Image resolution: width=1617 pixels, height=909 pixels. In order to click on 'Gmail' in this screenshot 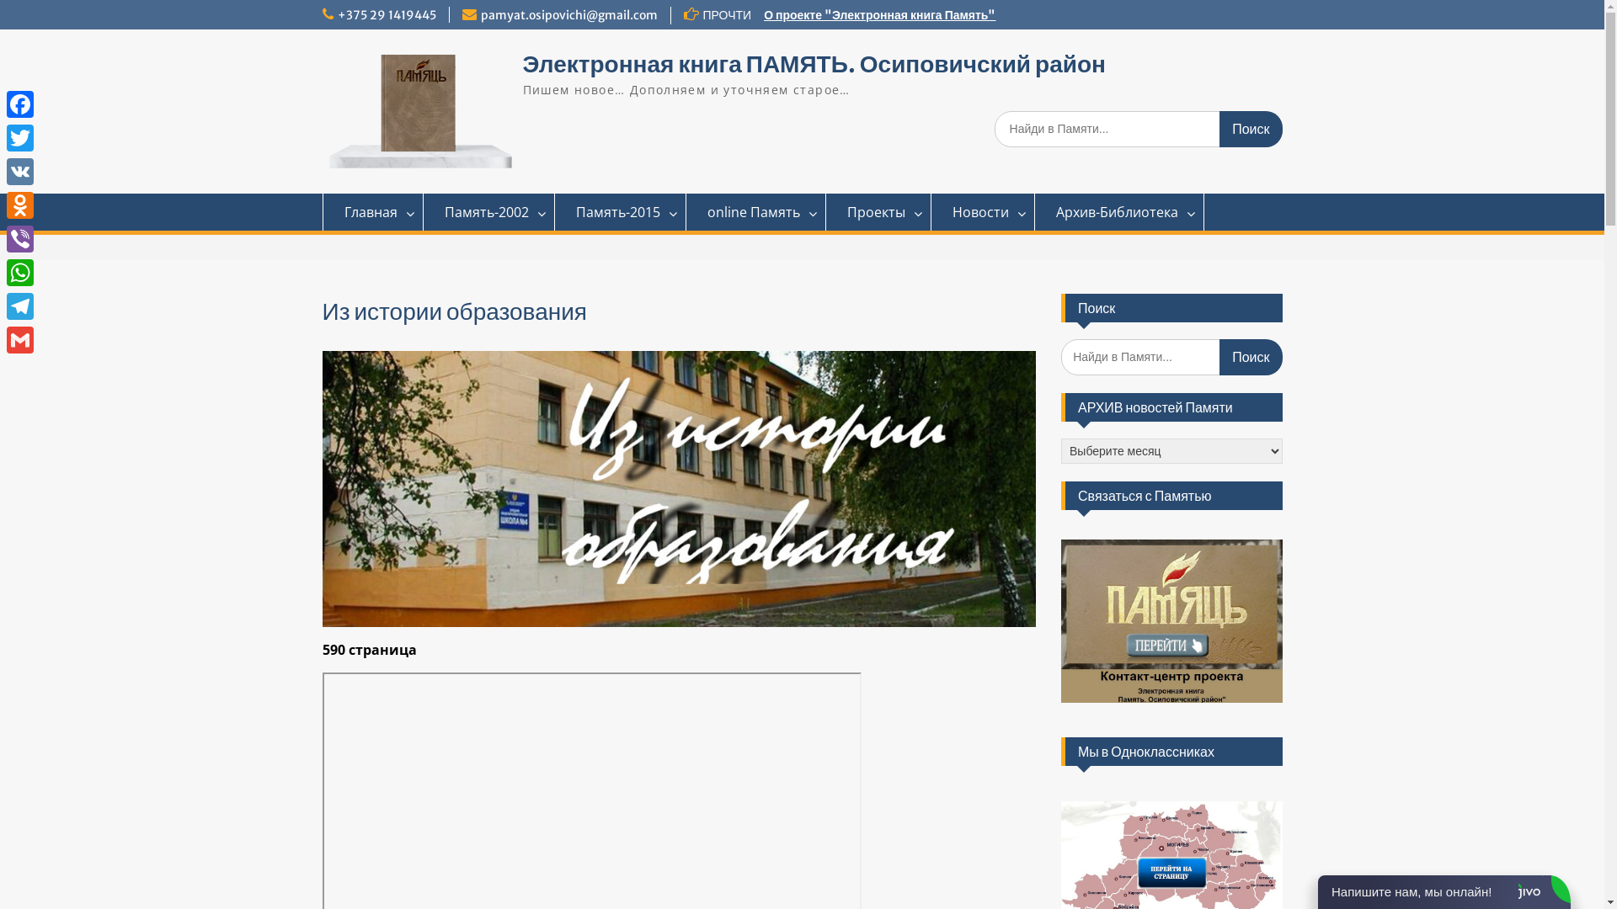, I will do `click(20, 340)`.